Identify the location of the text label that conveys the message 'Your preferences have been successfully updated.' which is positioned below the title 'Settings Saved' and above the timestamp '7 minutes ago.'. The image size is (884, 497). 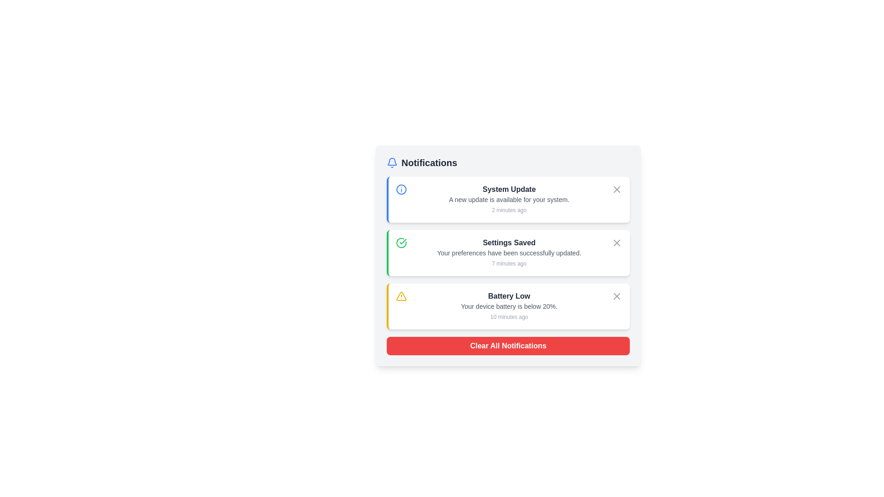
(508, 253).